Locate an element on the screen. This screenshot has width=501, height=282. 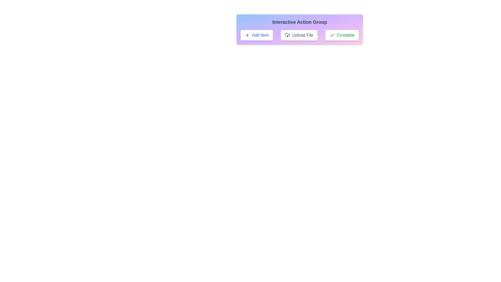
the 'Add Item' button, which is a rectangular white button with blue text and a plus icon, located within a horizontal layout of action buttons is located at coordinates (257, 35).